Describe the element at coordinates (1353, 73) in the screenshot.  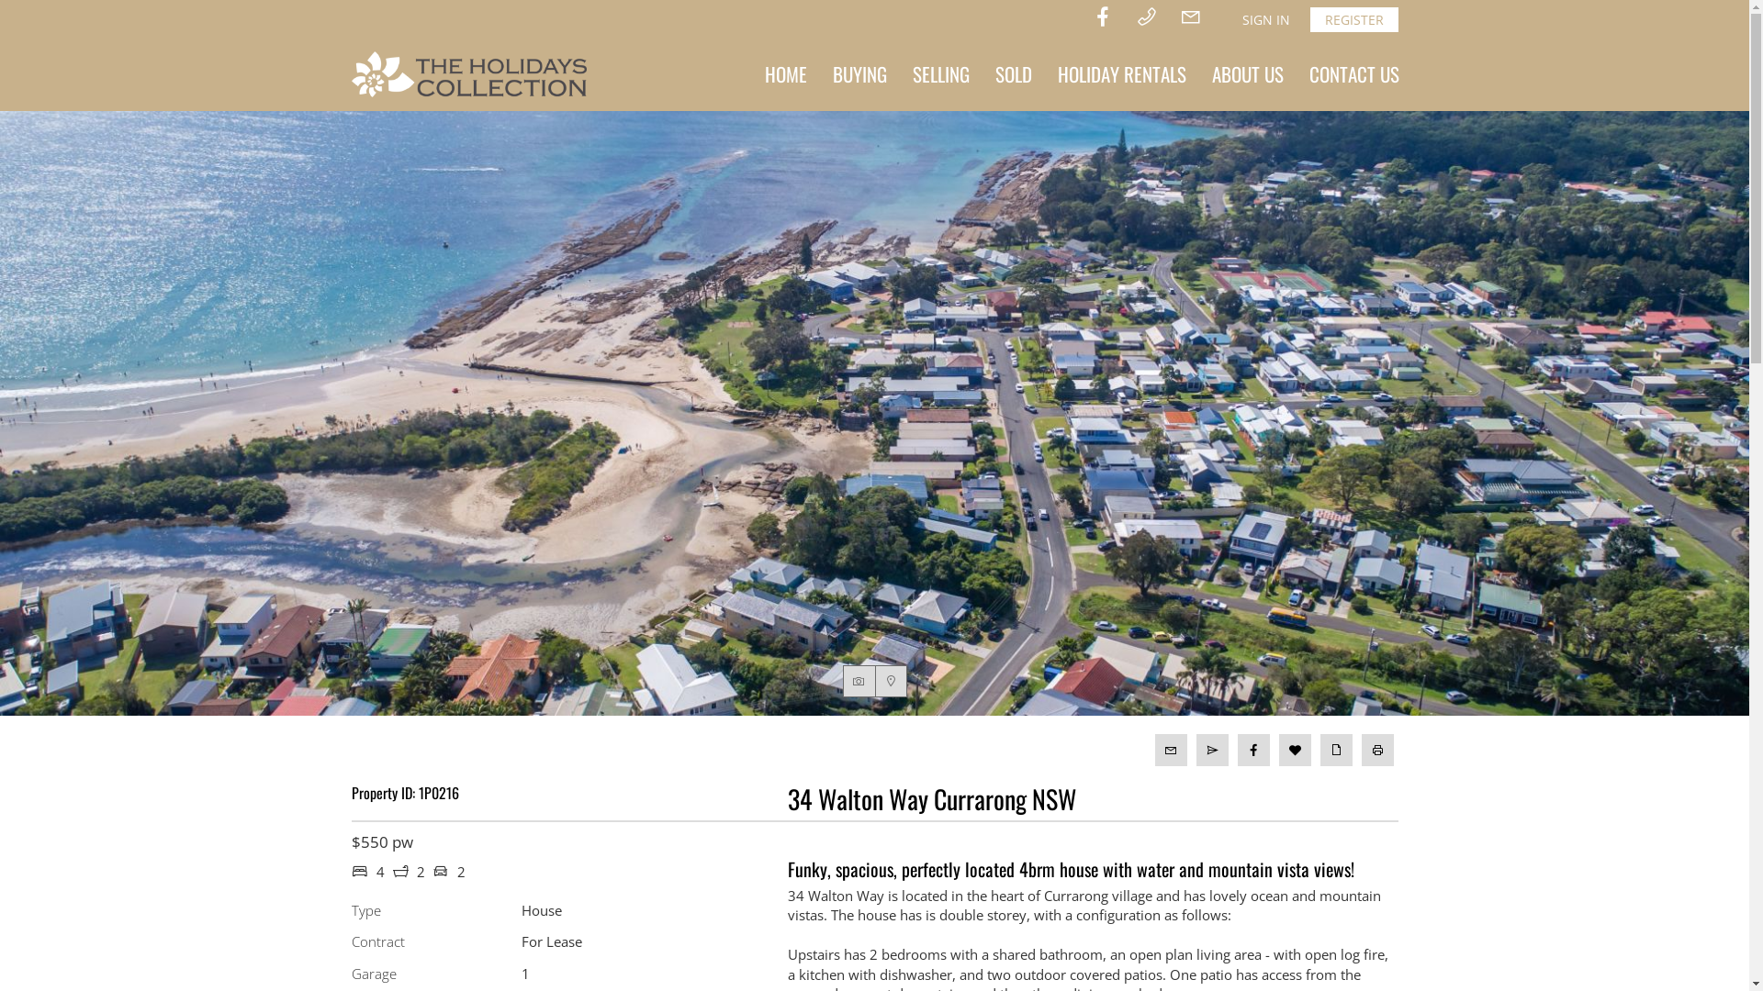
I see `'CONTACT US'` at that location.